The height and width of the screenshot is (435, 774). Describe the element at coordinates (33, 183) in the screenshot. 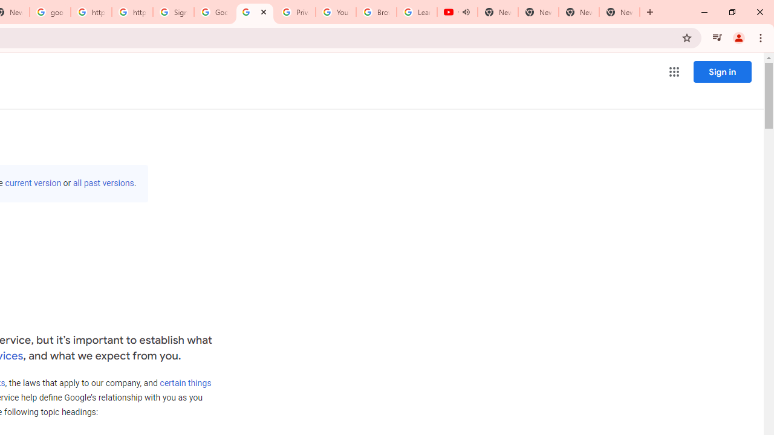

I see `'current version'` at that location.